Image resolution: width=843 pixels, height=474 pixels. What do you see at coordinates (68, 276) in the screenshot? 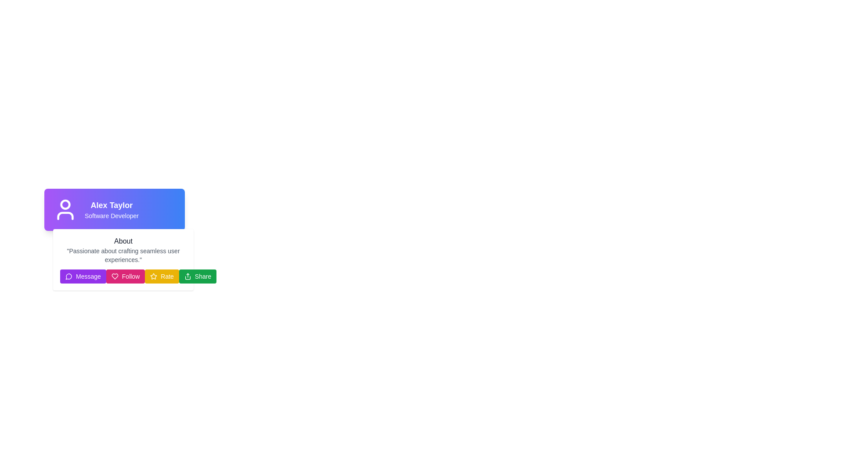
I see `the messaging icon located in the top left corner of the action button row, directly below the user profile card, to initiate a message action` at bounding box center [68, 276].